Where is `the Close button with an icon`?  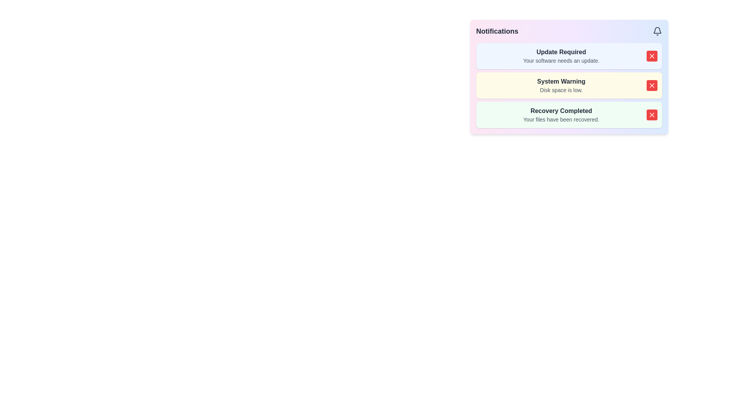 the Close button with an icon is located at coordinates (651, 56).